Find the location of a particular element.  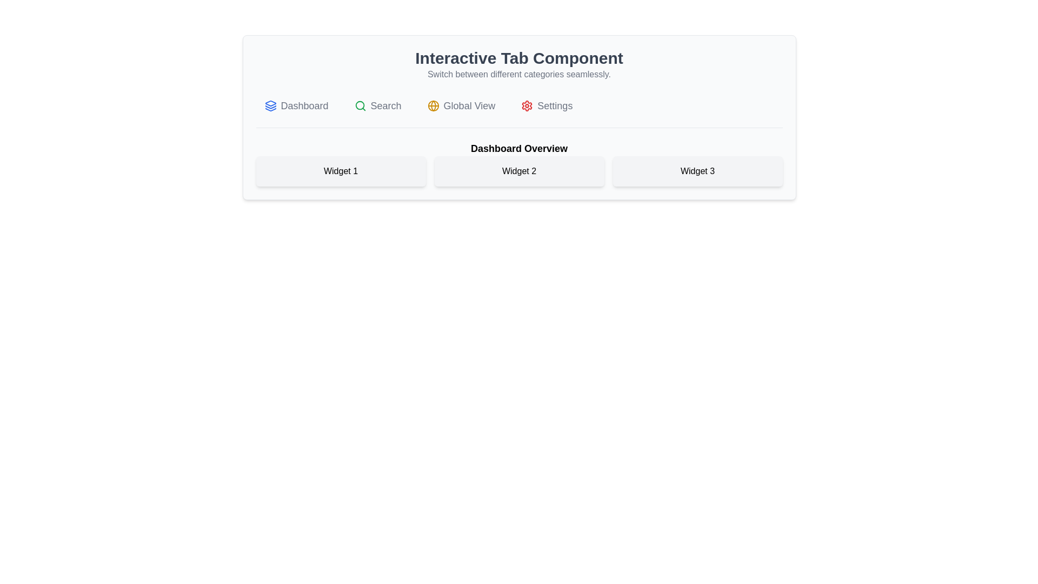

the 'Dashboard' tab icon located in the tab navigation bar at the top of the interface is located at coordinates (270, 106).